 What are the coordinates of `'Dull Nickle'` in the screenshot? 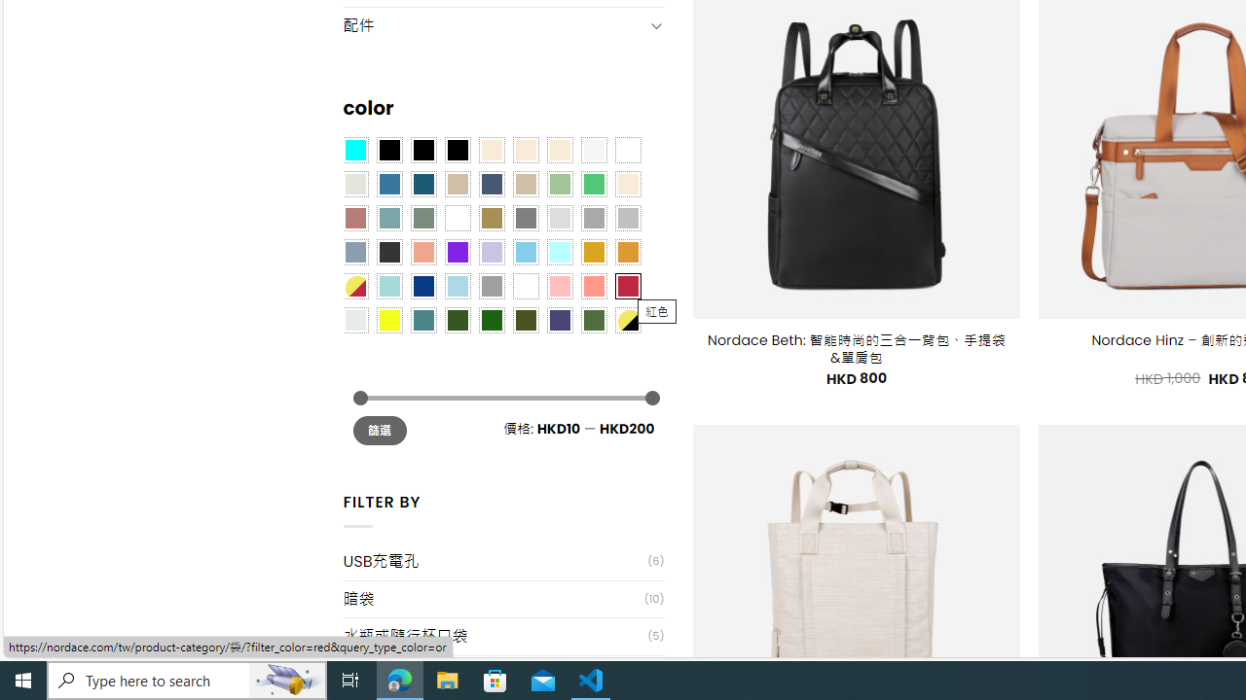 It's located at (354, 319).